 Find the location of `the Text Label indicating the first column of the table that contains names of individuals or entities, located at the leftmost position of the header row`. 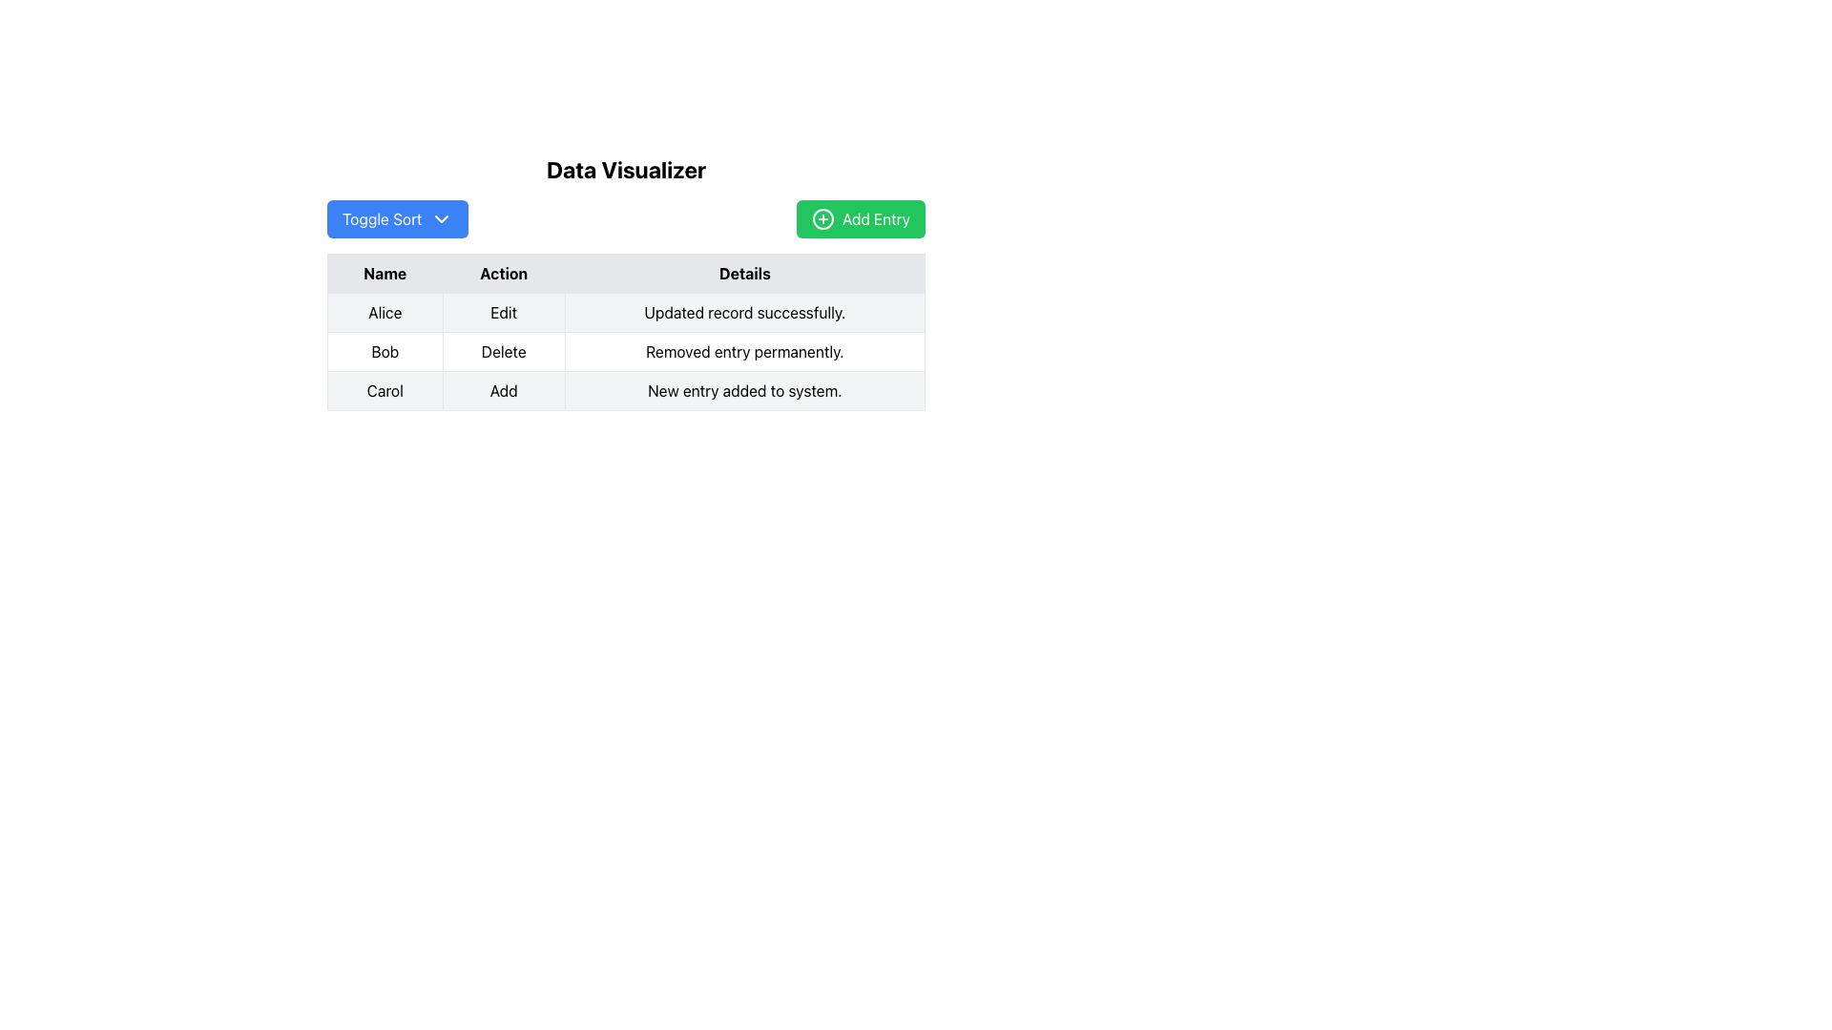

the Text Label indicating the first column of the table that contains names of individuals or entities, located at the leftmost position of the header row is located at coordinates (384, 273).